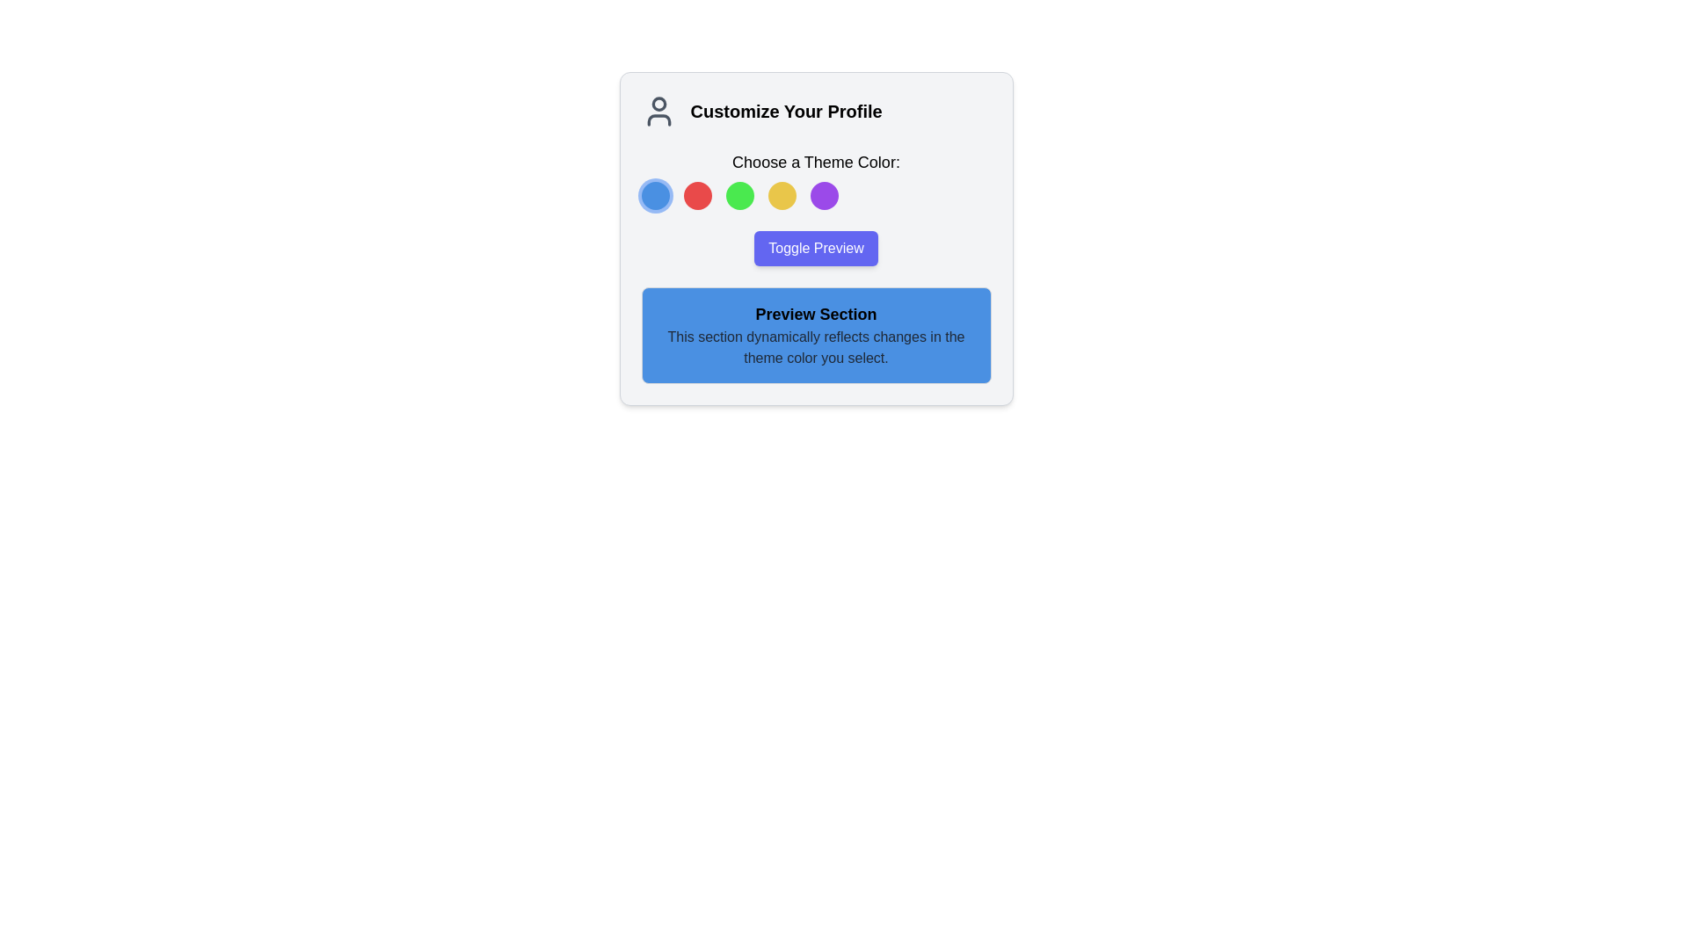 The height and width of the screenshot is (949, 1688). What do you see at coordinates (658, 112) in the screenshot?
I see `the user silhouette icon that is styled with a stroke and gray color, positioned to the left of the 'Customize Your Profile' text header in the profile customization section` at bounding box center [658, 112].